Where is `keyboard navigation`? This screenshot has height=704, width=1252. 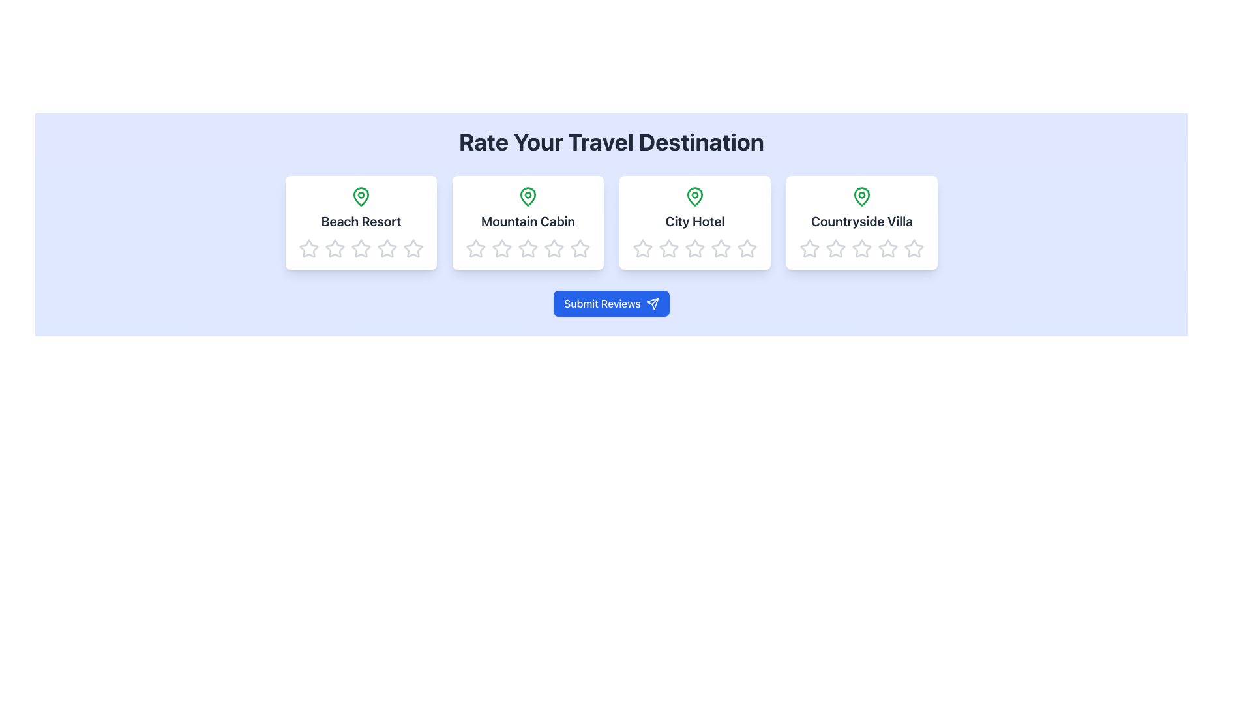
keyboard navigation is located at coordinates (809, 248).